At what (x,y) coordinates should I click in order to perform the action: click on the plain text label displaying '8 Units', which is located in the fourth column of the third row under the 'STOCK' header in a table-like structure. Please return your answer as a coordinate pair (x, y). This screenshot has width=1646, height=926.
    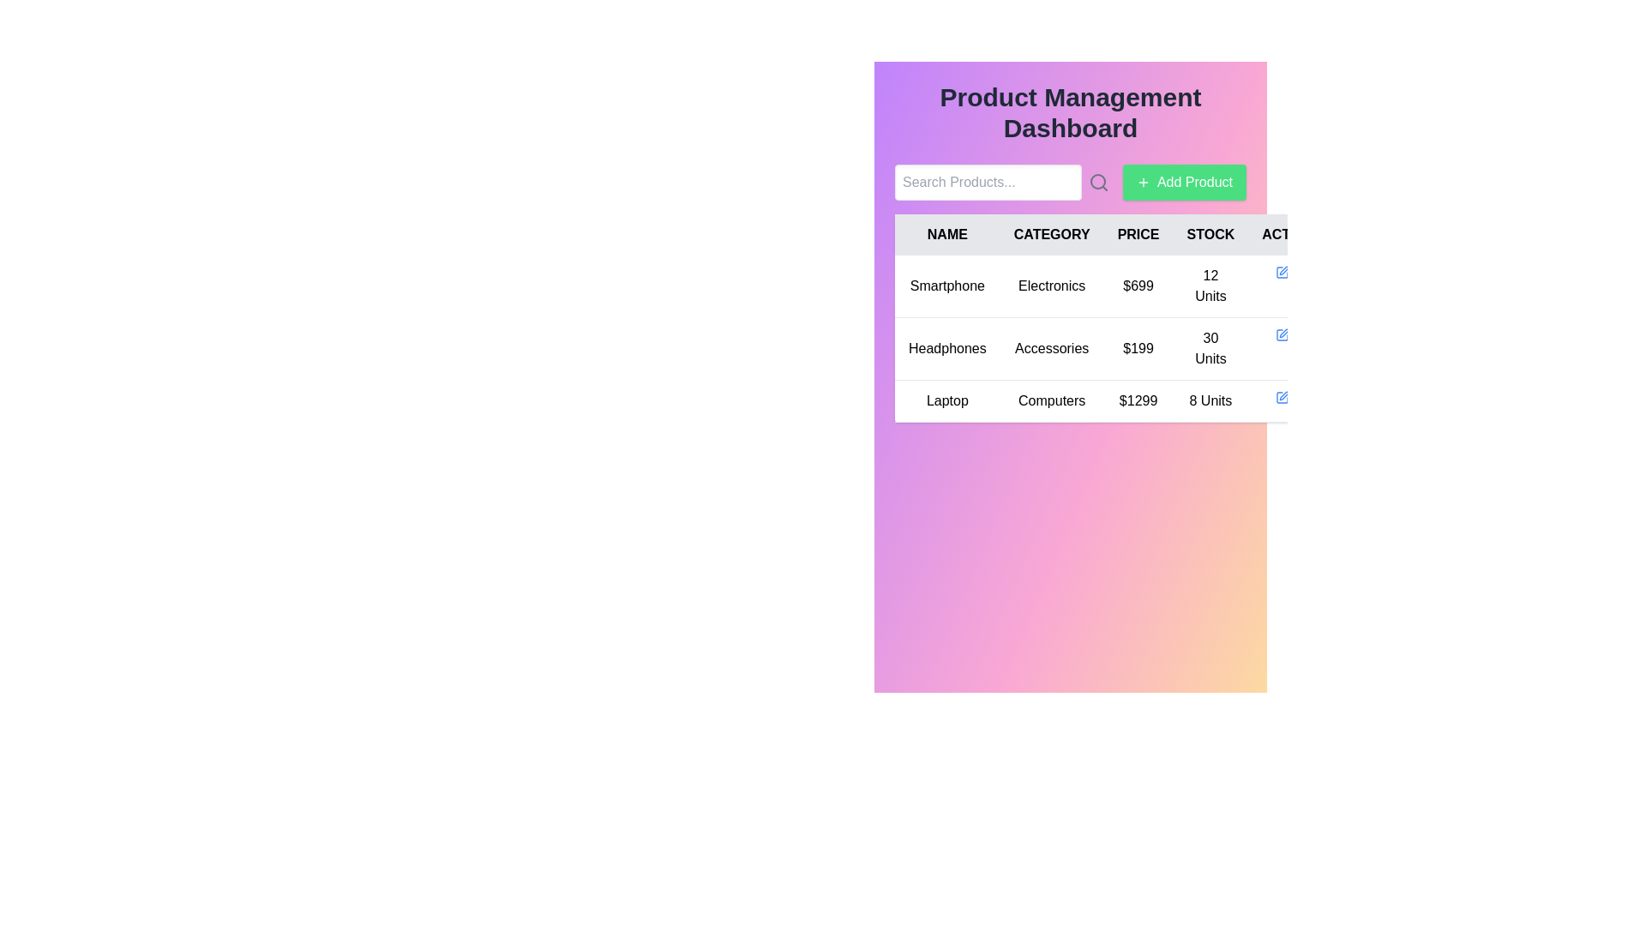
    Looking at the image, I should click on (1210, 400).